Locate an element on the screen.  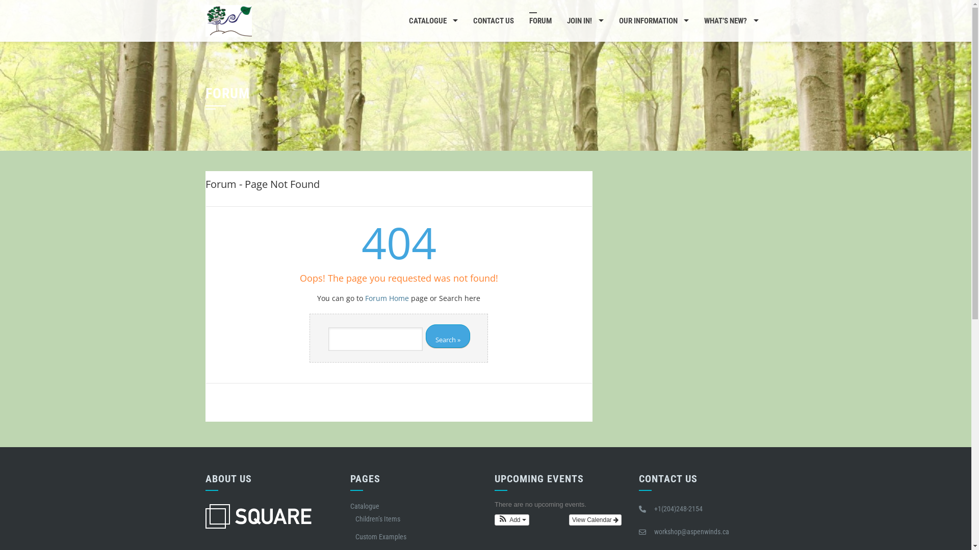
'JOIN IN!' is located at coordinates (559, 21).